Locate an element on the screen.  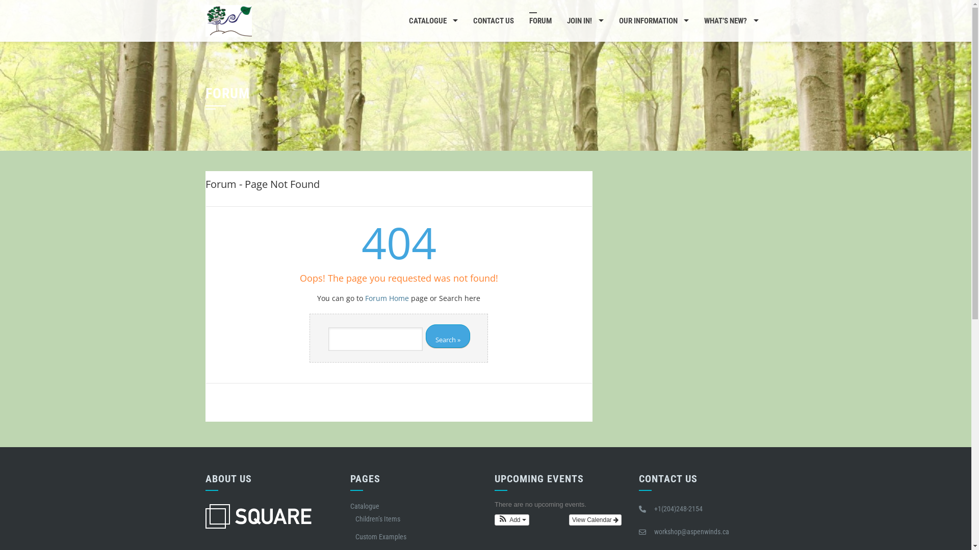
'JOIN IN!' is located at coordinates (559, 21).